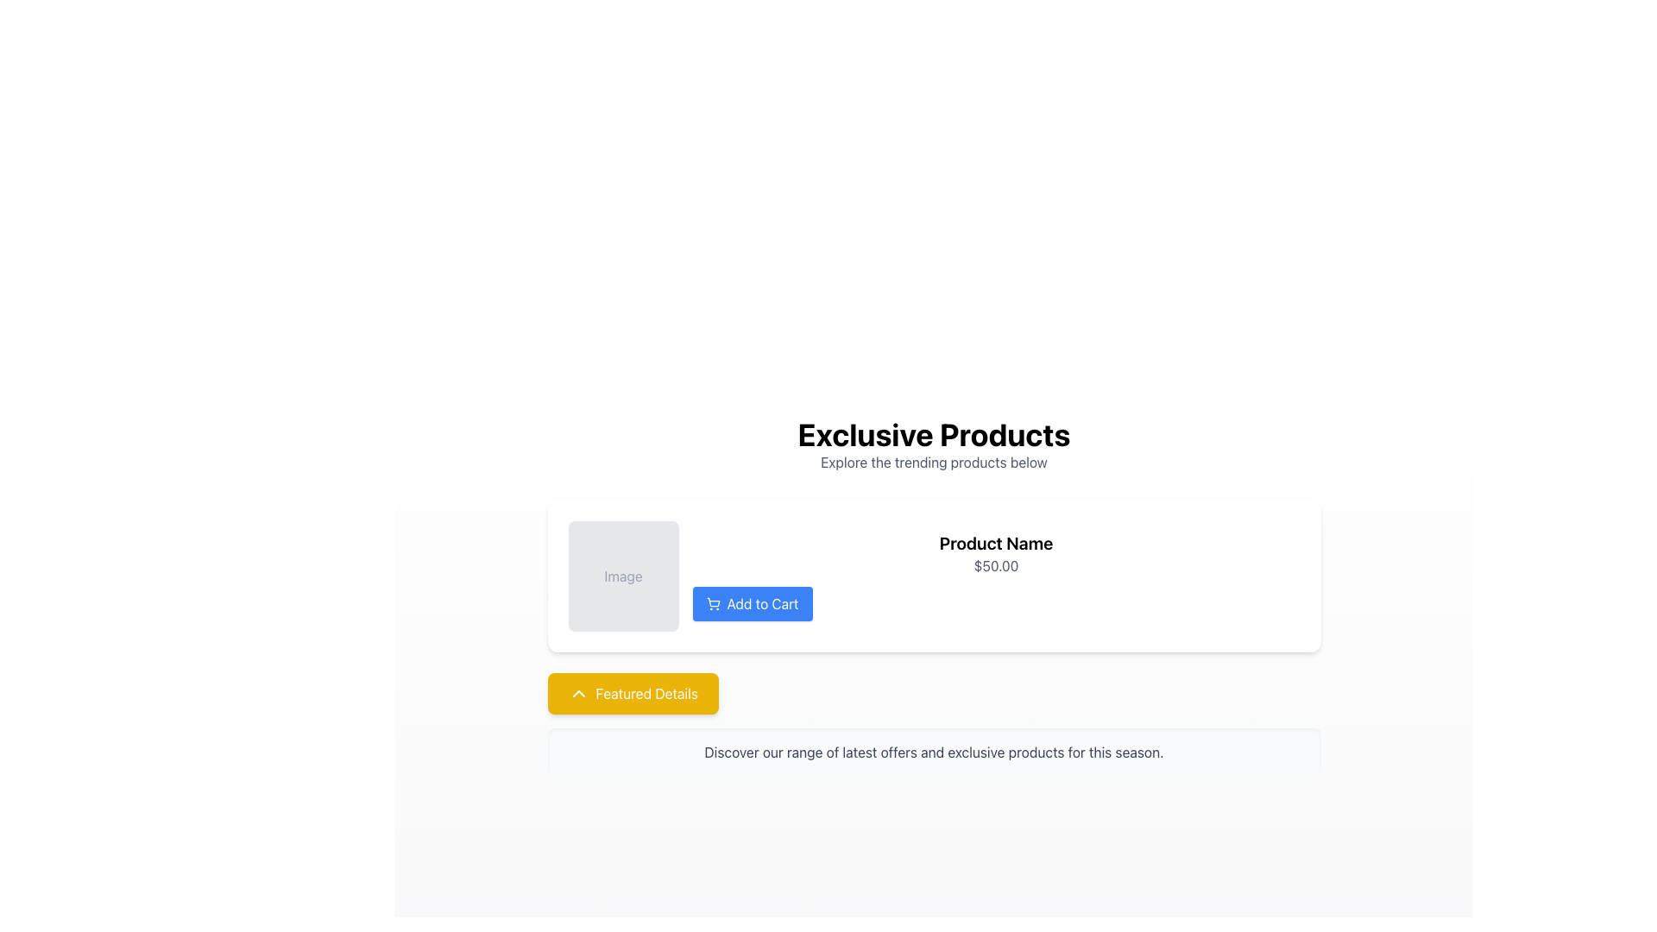 This screenshot has height=932, width=1657. What do you see at coordinates (761, 602) in the screenshot?
I see `the 'Add to Cart' text label, which is the rightmost part of a button with a blue background and white font, located below the product name and price` at bounding box center [761, 602].